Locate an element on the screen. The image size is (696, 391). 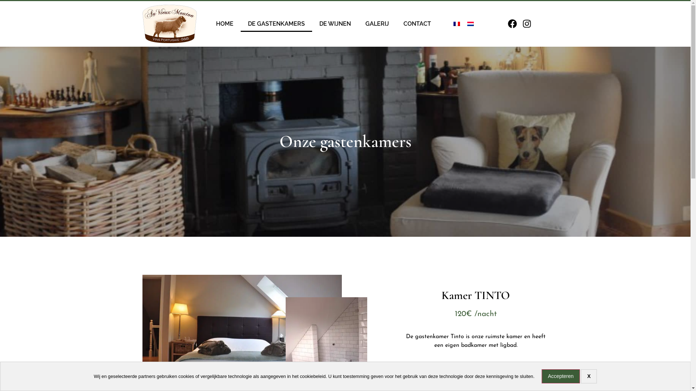
'Lees meer' is located at coordinates (451, 370).